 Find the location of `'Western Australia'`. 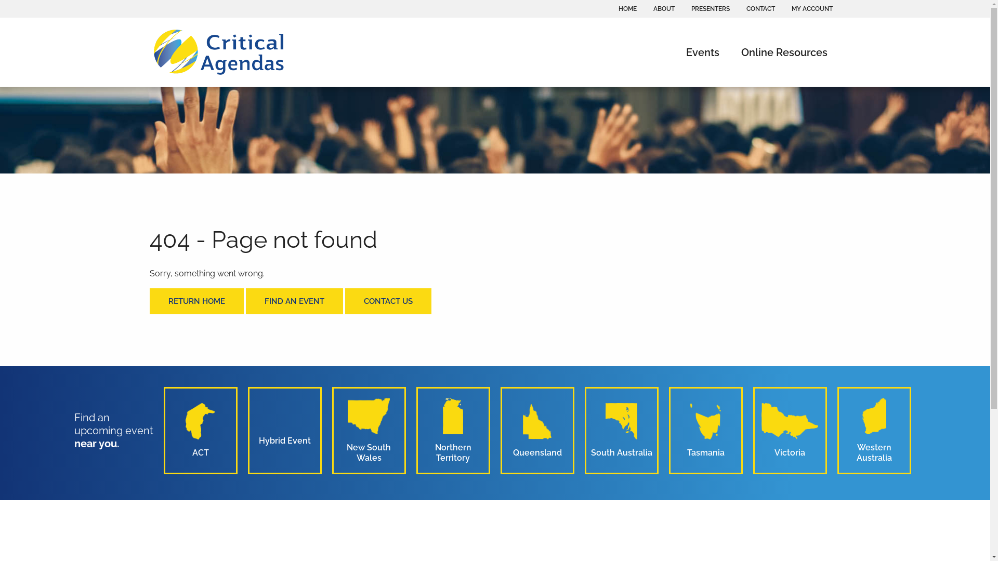

'Western Australia' is located at coordinates (873, 431).